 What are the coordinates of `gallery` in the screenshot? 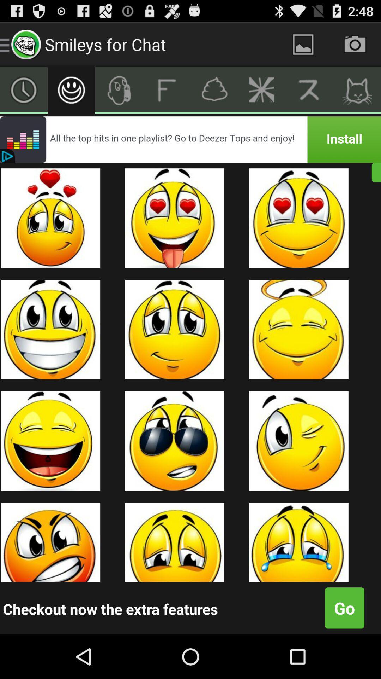 It's located at (303, 44).